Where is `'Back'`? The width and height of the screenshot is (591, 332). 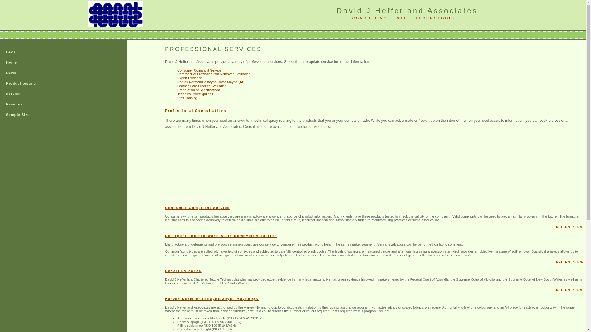 'Back' is located at coordinates (0, 52).